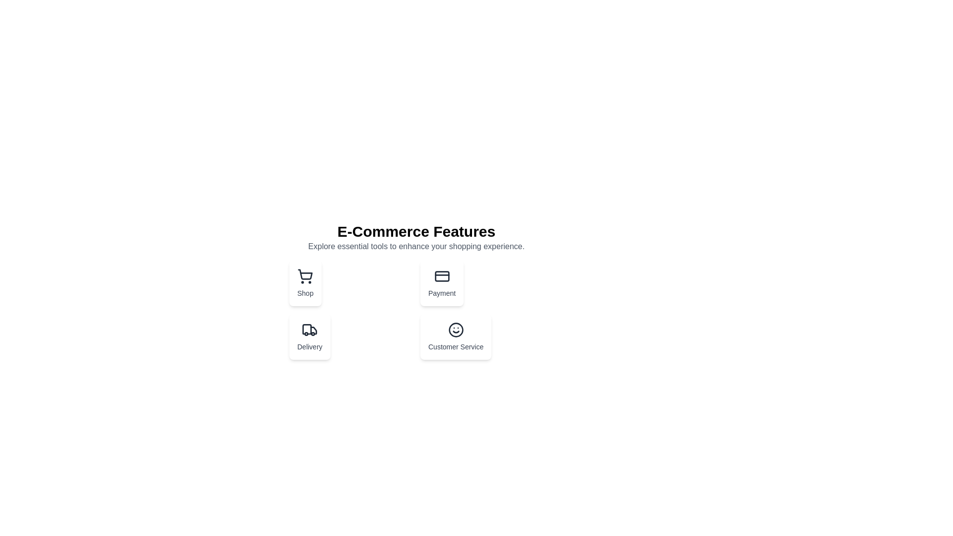 The width and height of the screenshot is (953, 536). Describe the element at coordinates (309, 346) in the screenshot. I see `the 'Delivery' text label located below the truck icon in the 'Delivery' section of the feature card` at that location.